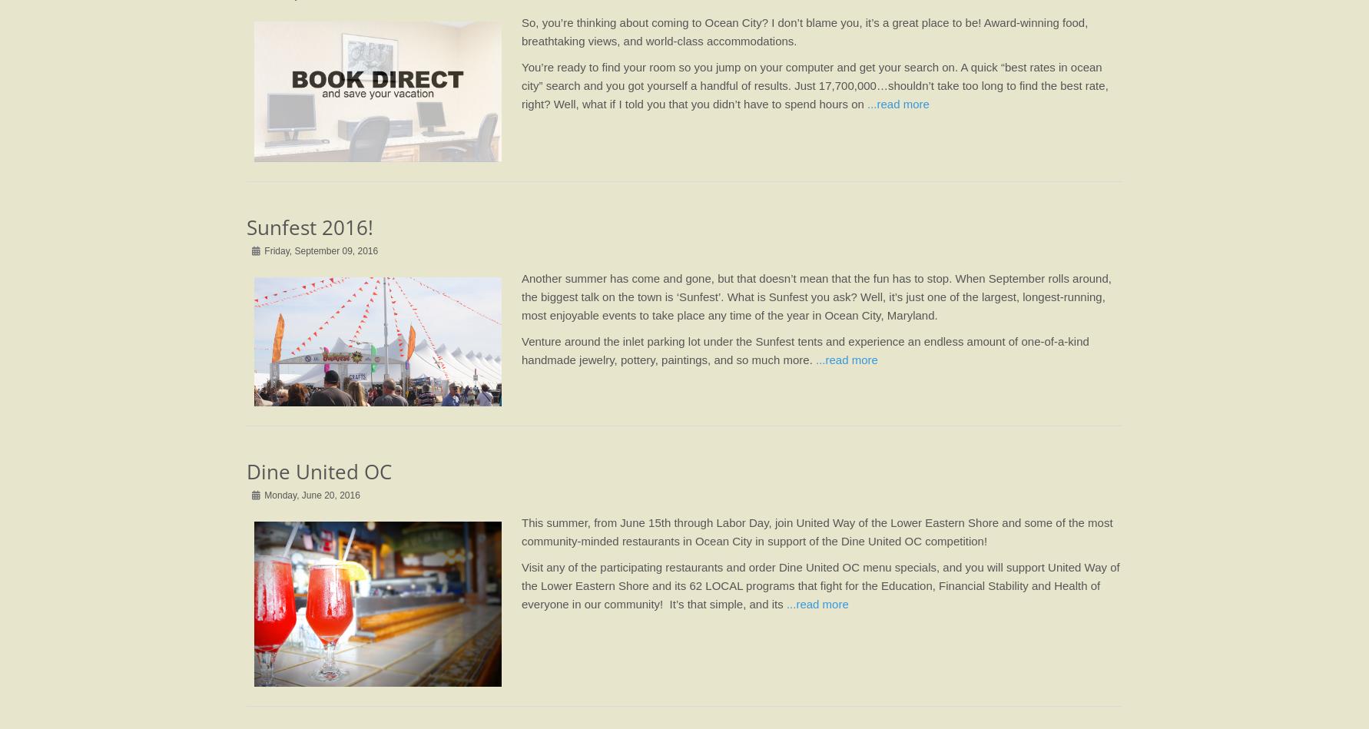  I want to click on 'Visit any of the participating restaurants and order Dine United OC menu specials, and you will support United Way of the Lower Eastern Shore and its 62 LOCAL programs that fight for the Education, Financial Stability and Health of everyone in our community!  It’s that simple, and its', so click(819, 585).